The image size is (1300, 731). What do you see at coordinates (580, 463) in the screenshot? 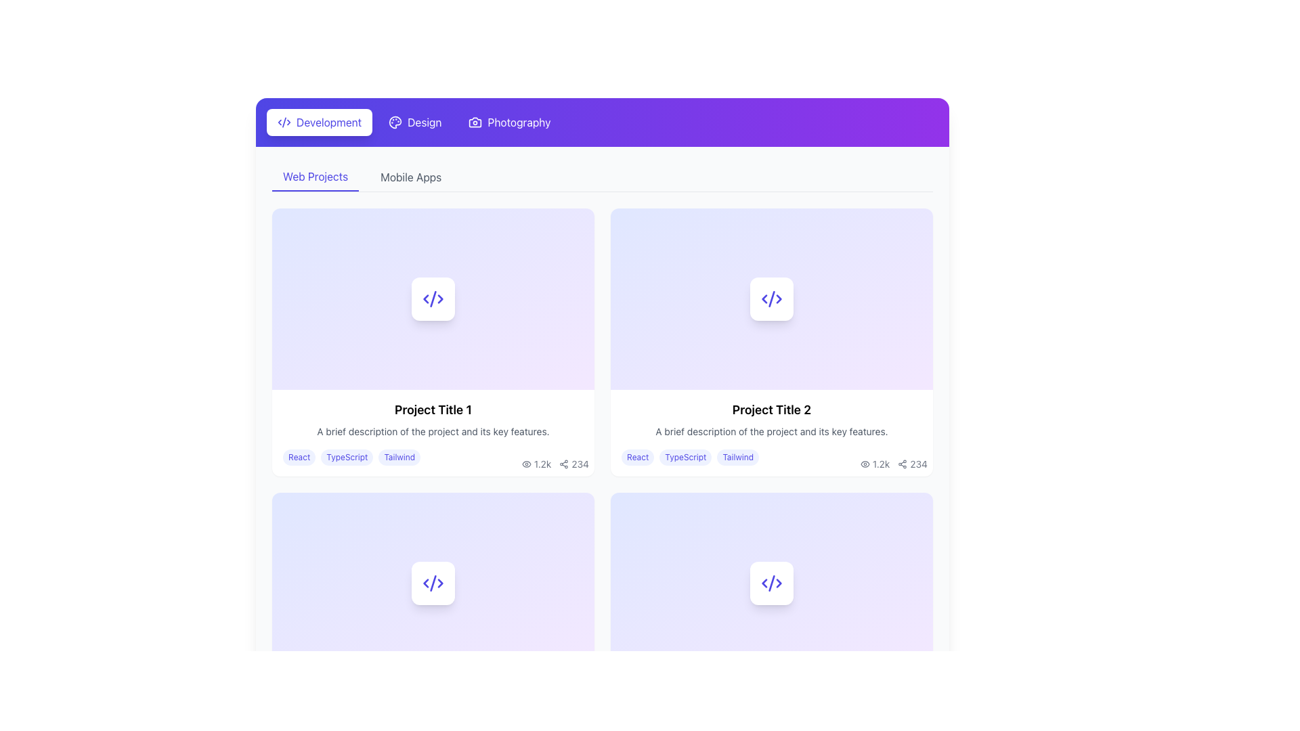
I see `the text label displaying '234' located in the bottom-right corner of the card for 'Project Title 2'` at bounding box center [580, 463].